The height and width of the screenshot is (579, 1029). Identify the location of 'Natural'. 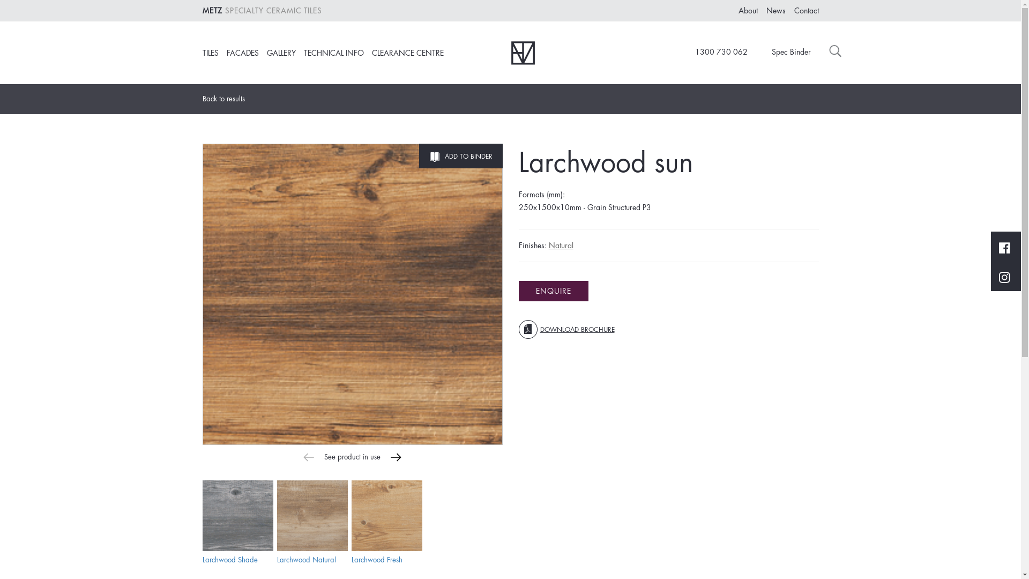
(560, 246).